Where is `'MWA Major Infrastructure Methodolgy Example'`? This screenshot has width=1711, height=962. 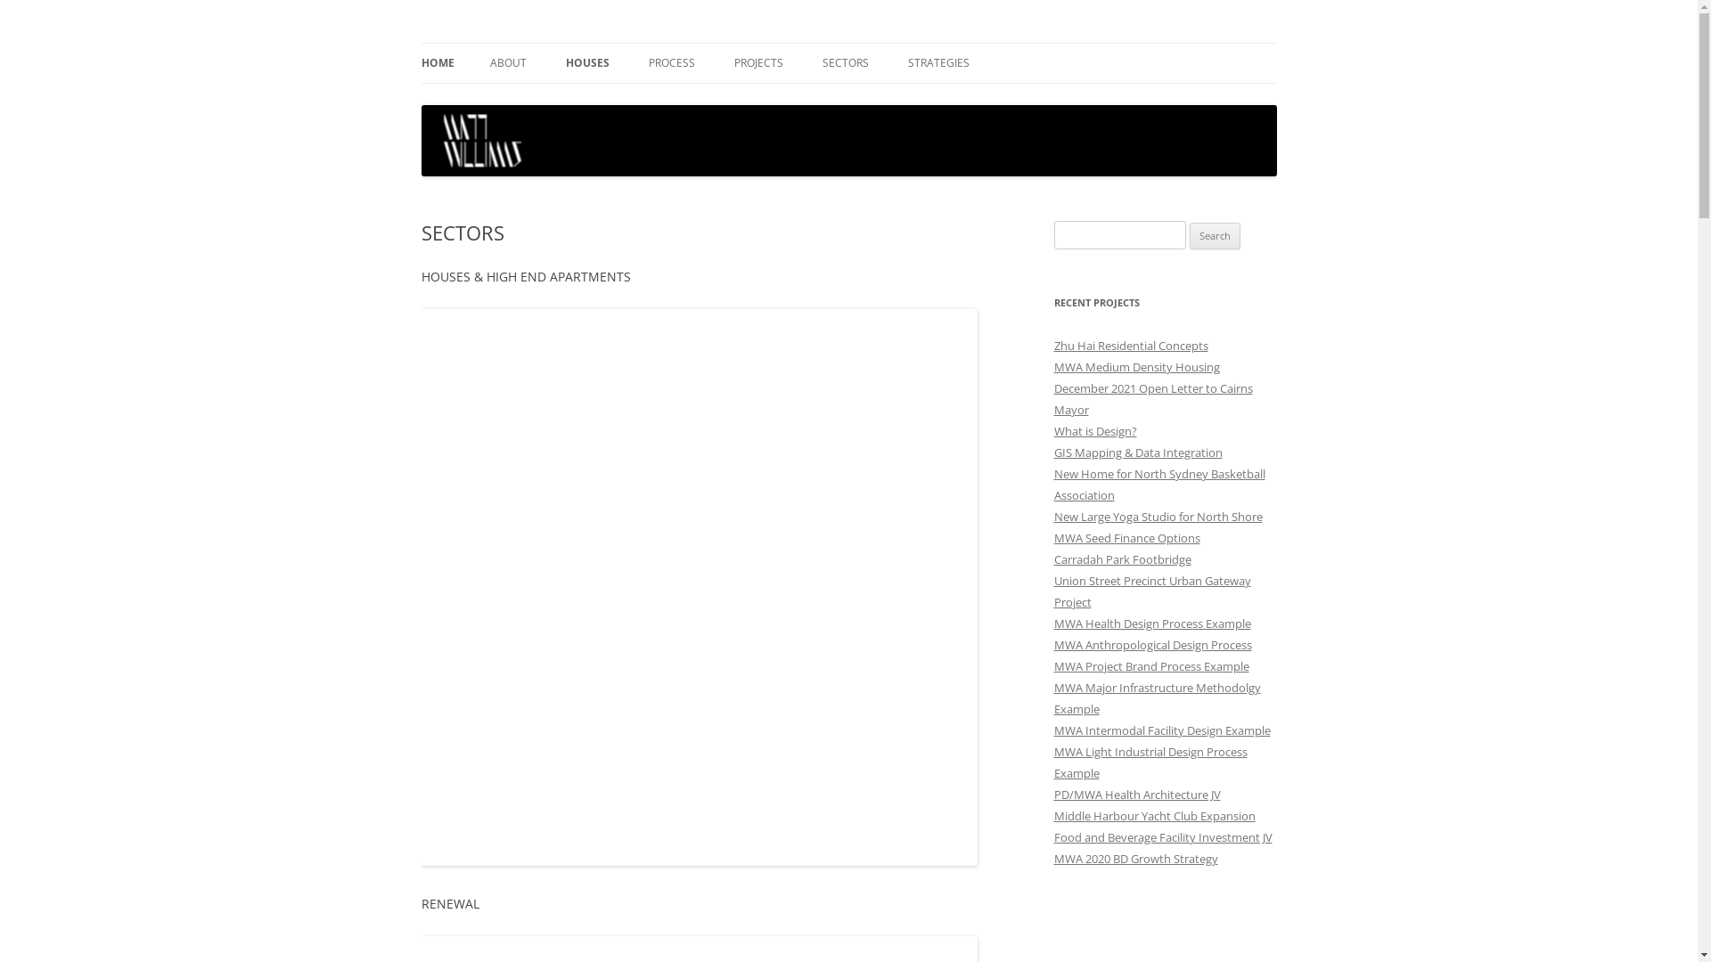 'MWA Major Infrastructure Methodolgy Example' is located at coordinates (1052, 697).